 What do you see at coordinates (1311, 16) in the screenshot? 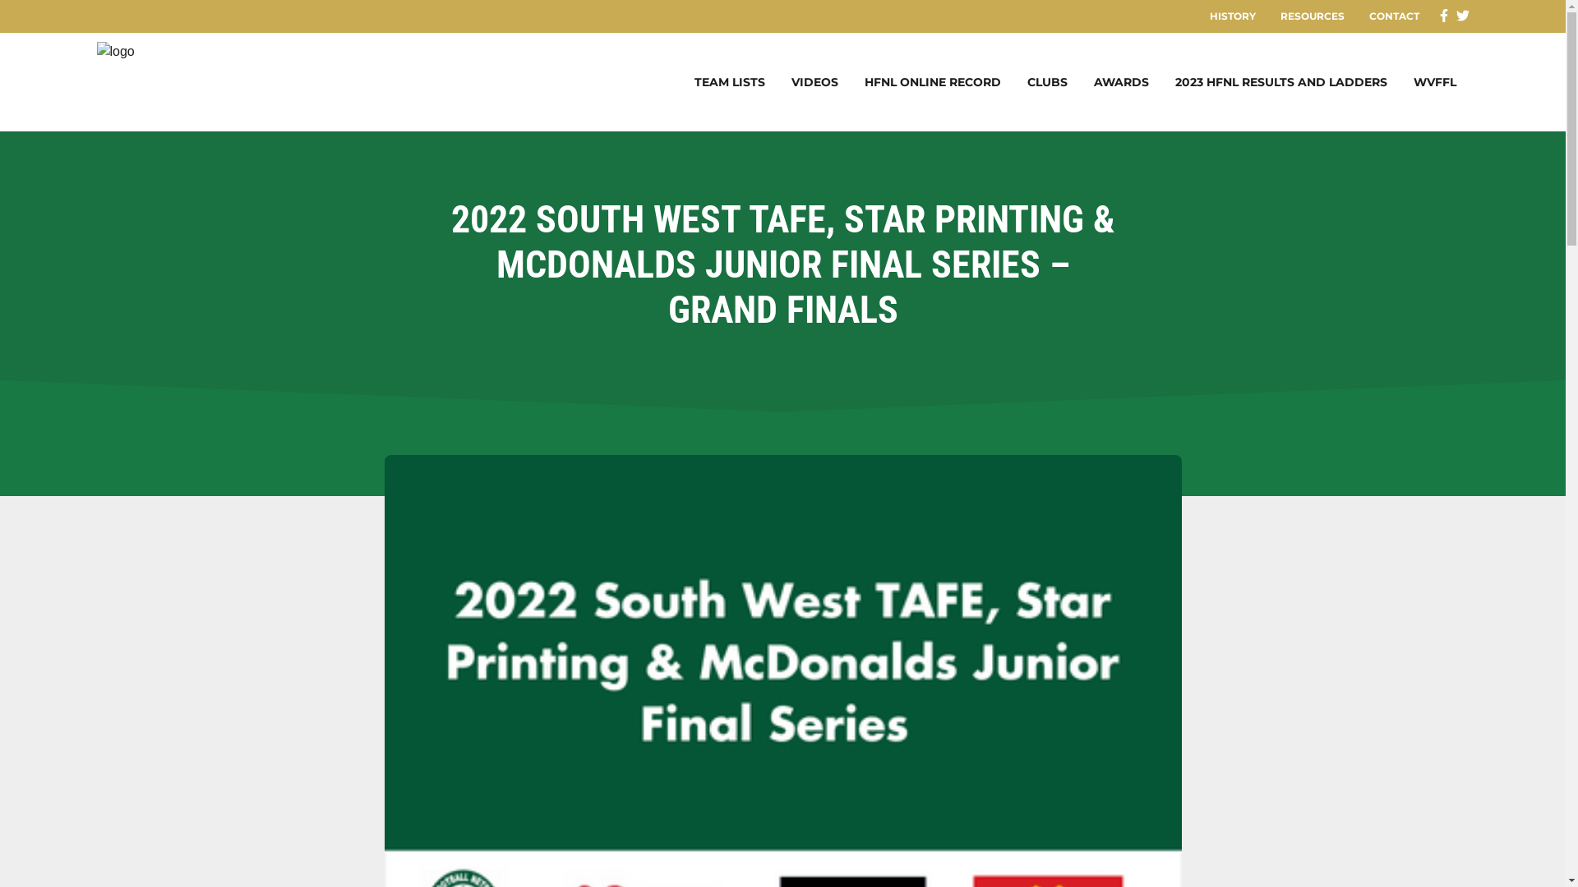
I see `'RESOURCES'` at bounding box center [1311, 16].